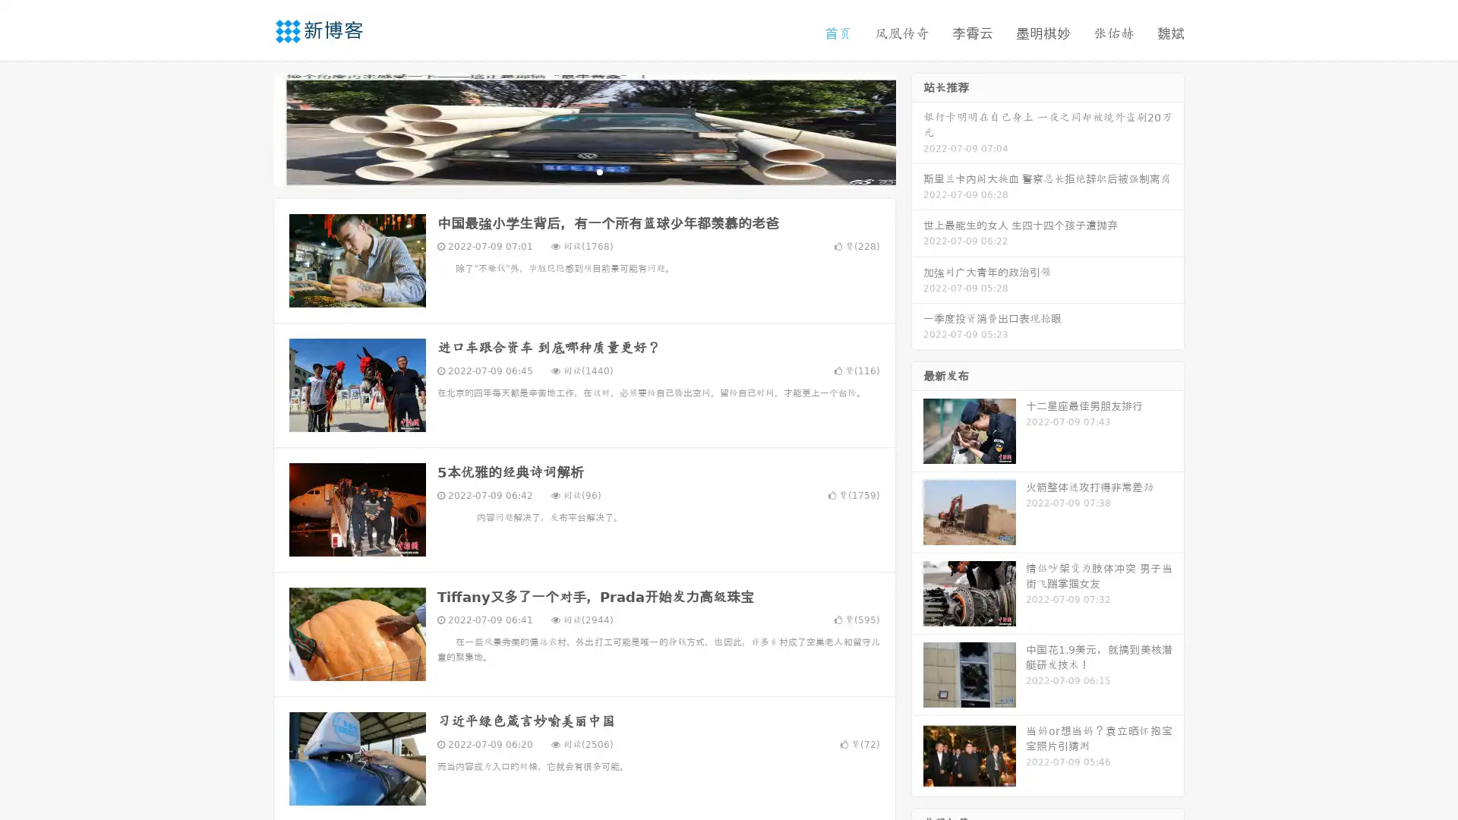 The width and height of the screenshot is (1458, 820). What do you see at coordinates (251, 128) in the screenshot?
I see `Previous slide` at bounding box center [251, 128].